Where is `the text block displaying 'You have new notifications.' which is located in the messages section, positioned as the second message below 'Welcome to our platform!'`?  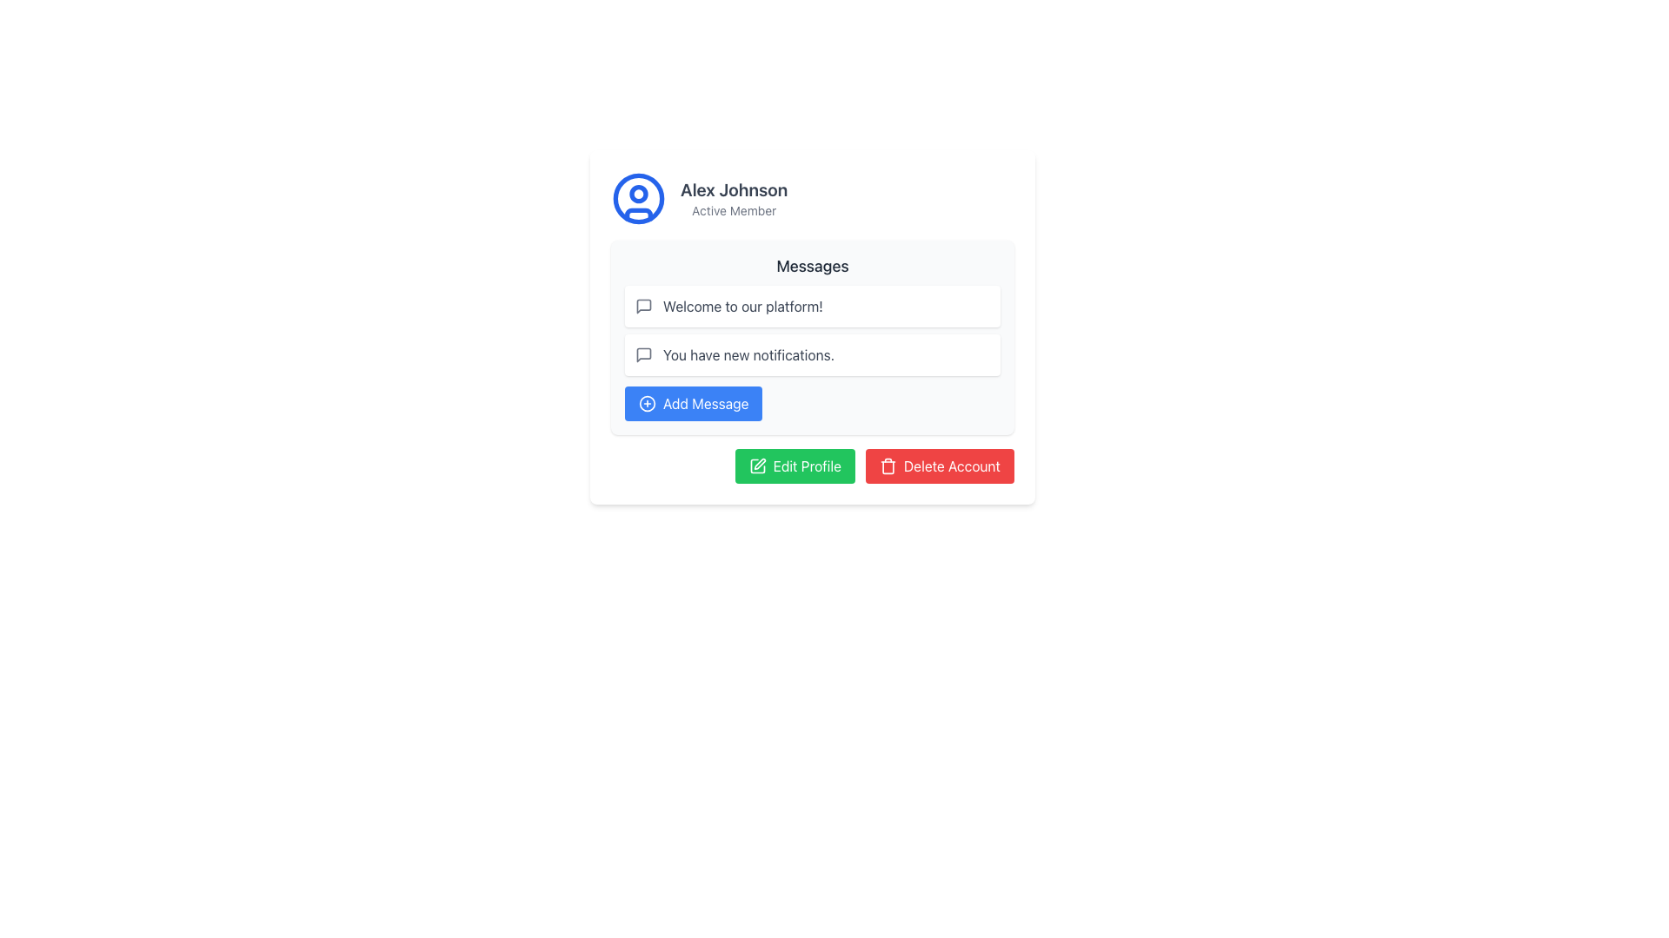
the text block displaying 'You have new notifications.' which is located in the messages section, positioned as the second message below 'Welcome to our platform!' is located at coordinates (748, 353).